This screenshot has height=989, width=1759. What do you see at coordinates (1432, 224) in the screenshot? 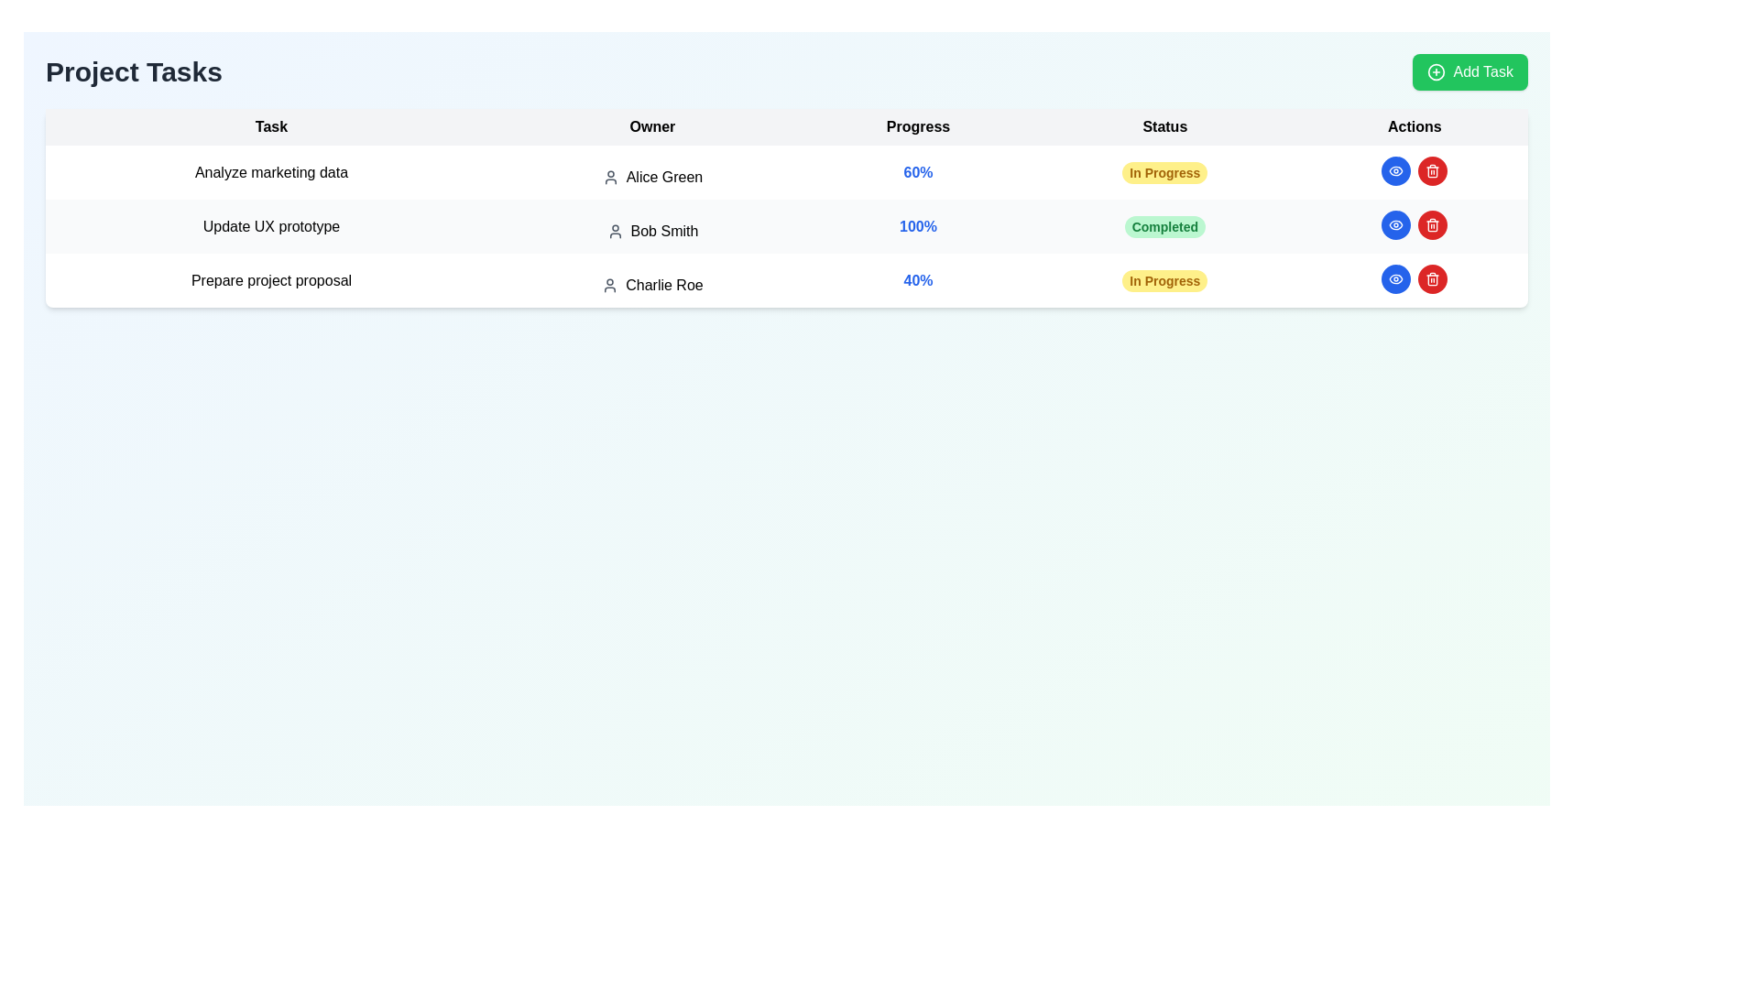
I see `the red delete button with a trash icon in the actions column for the task 'Update UX prototype' to initiate task deletion` at bounding box center [1432, 224].